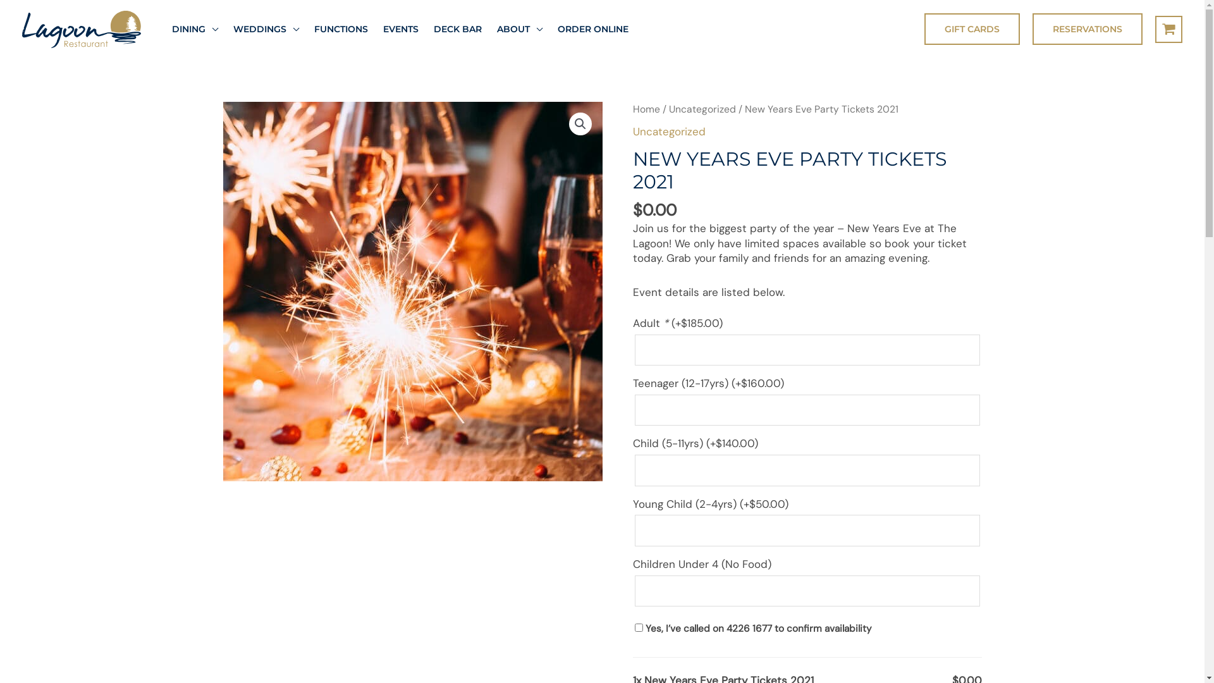 The width and height of the screenshot is (1214, 683). Describe the element at coordinates (632, 108) in the screenshot. I see `'Home'` at that location.